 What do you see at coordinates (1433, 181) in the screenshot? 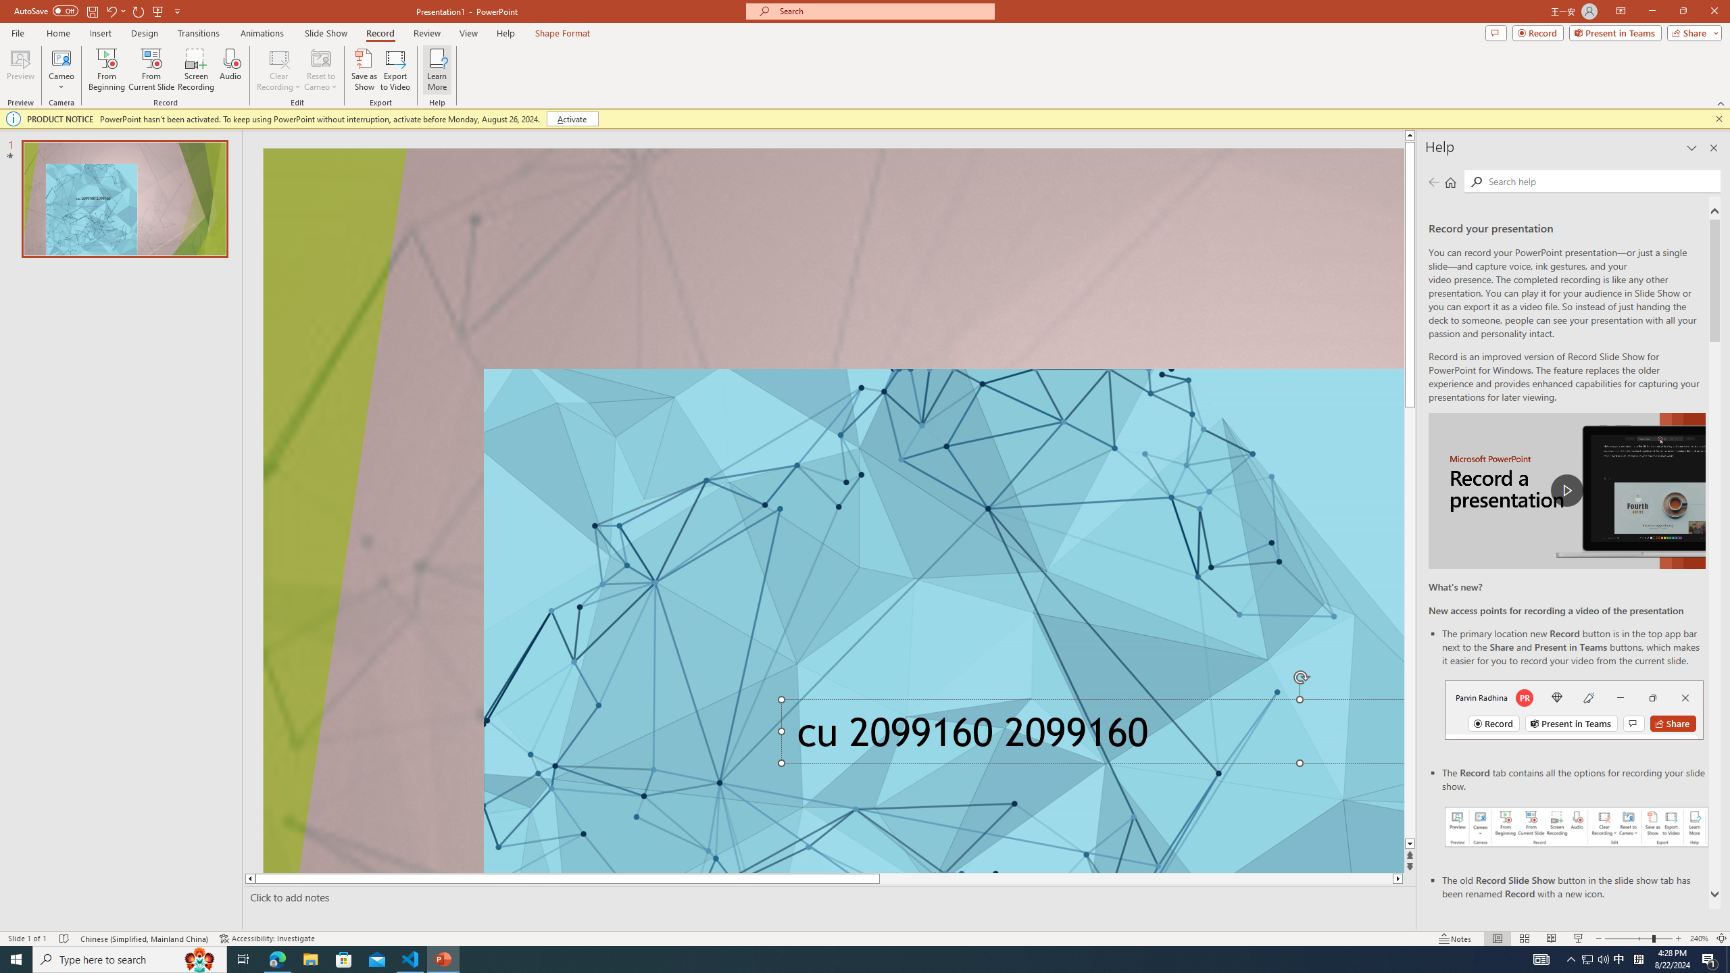
I see `'Previous page'` at bounding box center [1433, 181].